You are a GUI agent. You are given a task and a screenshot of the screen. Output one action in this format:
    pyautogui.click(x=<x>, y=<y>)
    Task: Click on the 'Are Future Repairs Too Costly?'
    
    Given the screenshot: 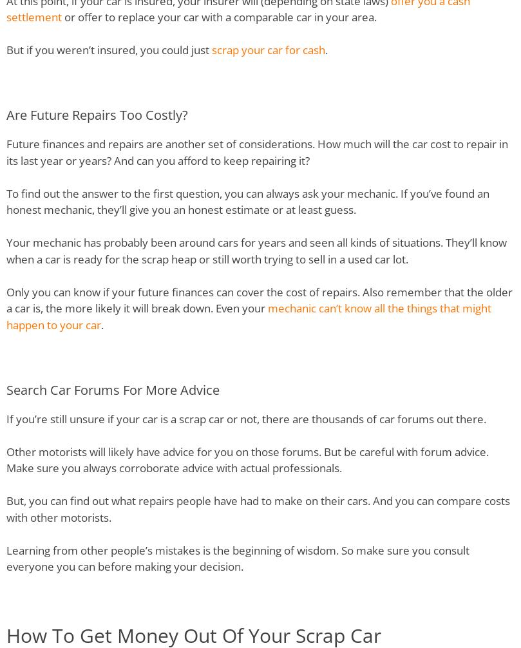 What is the action you would take?
    pyautogui.click(x=97, y=115)
    